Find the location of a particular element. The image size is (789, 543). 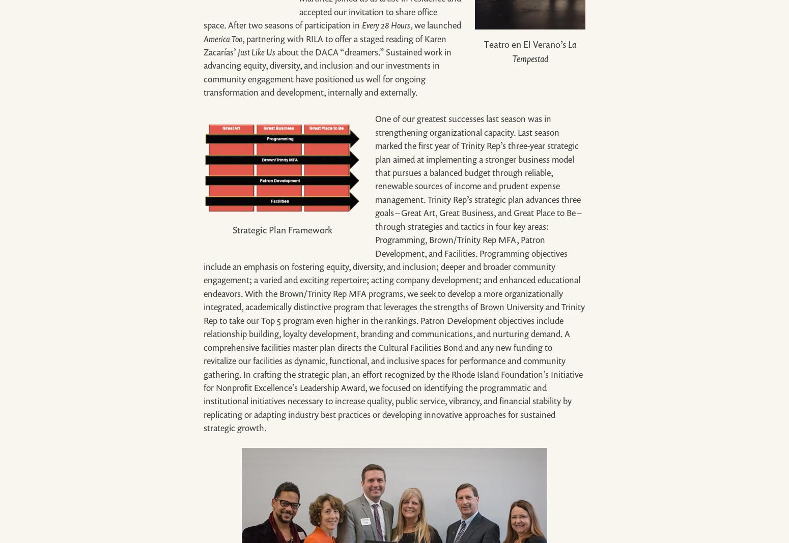

'Just Like Us' is located at coordinates (237, 51).